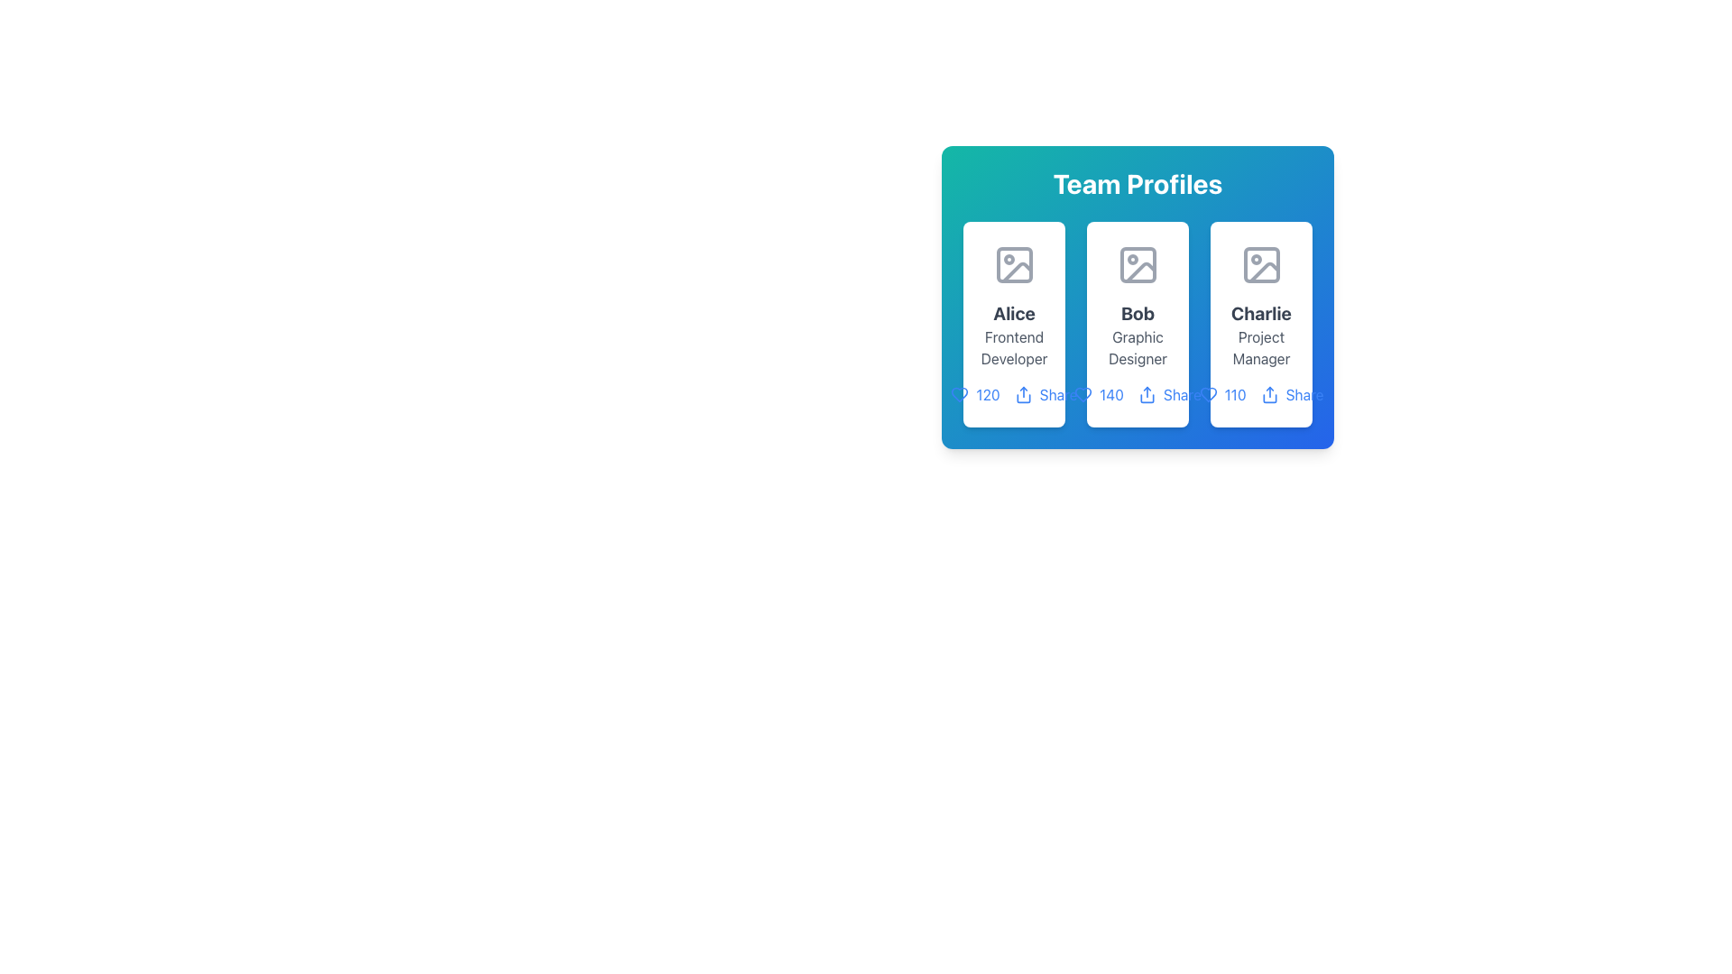 Image resolution: width=1732 pixels, height=974 pixels. What do you see at coordinates (1169, 394) in the screenshot?
I see `the share link element, which is the third interactive item in the middle card, to prompt the sharing dialog` at bounding box center [1169, 394].